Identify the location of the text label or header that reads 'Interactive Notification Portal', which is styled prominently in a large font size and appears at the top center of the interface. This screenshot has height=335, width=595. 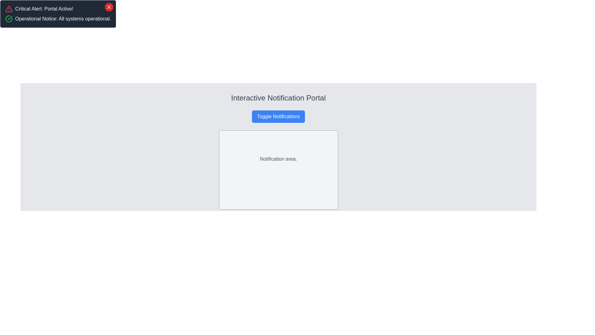
(278, 98).